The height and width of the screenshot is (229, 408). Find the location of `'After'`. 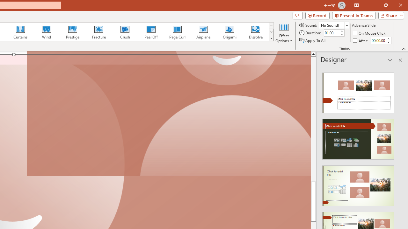

'After' is located at coordinates (361, 40).